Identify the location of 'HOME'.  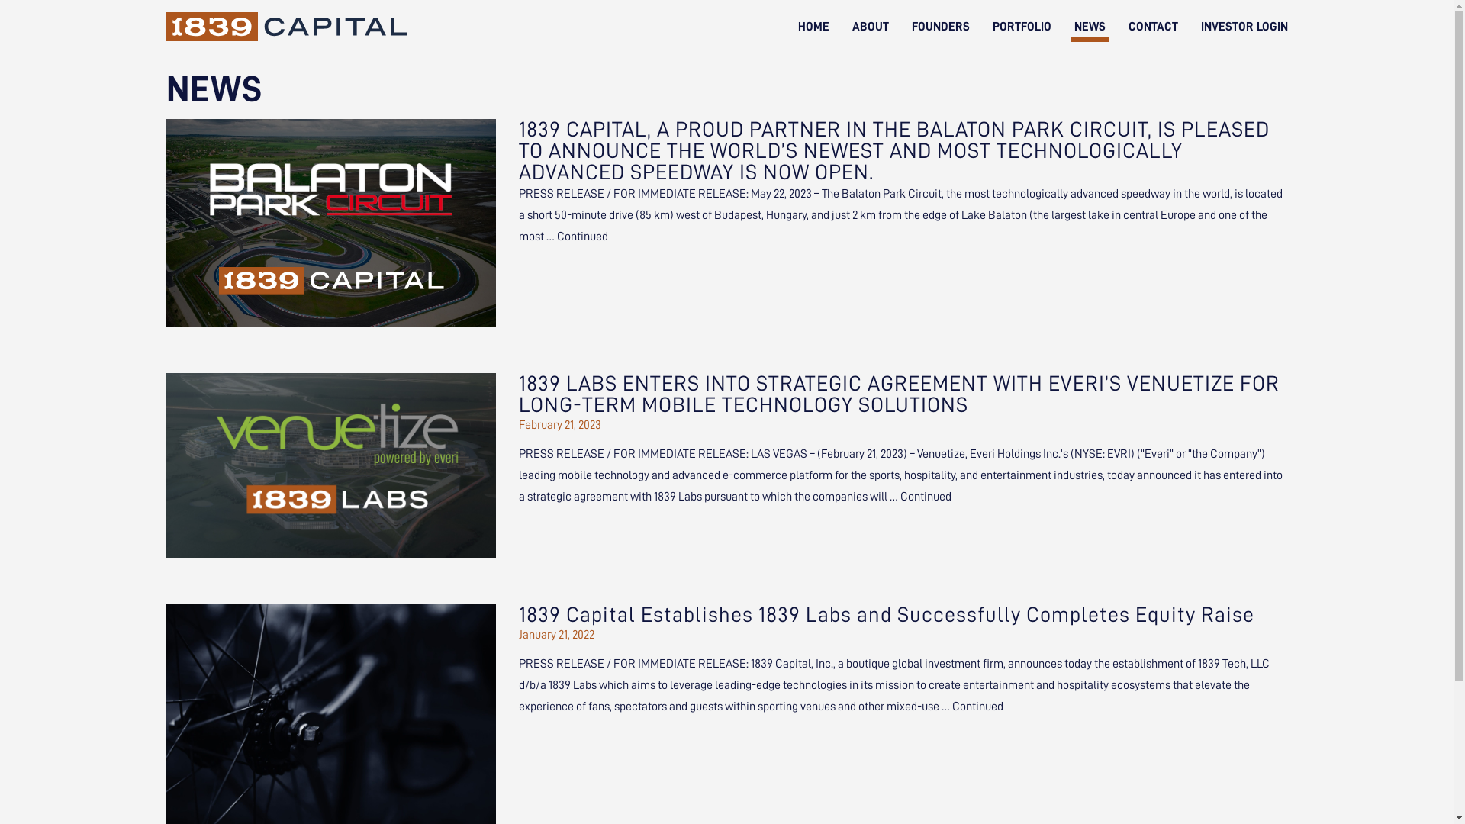
(813, 26).